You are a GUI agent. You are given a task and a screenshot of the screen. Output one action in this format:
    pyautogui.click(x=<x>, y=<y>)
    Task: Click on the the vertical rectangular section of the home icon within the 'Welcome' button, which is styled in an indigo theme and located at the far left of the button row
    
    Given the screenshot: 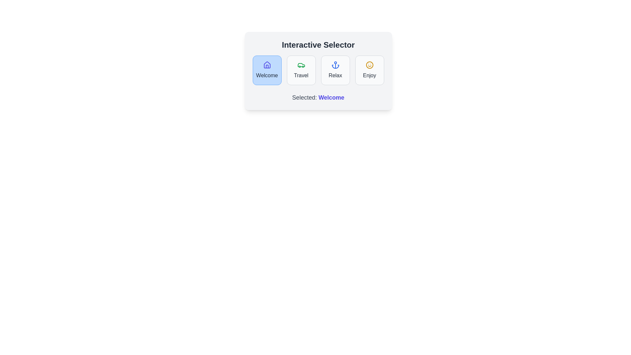 What is the action you would take?
    pyautogui.click(x=267, y=66)
    